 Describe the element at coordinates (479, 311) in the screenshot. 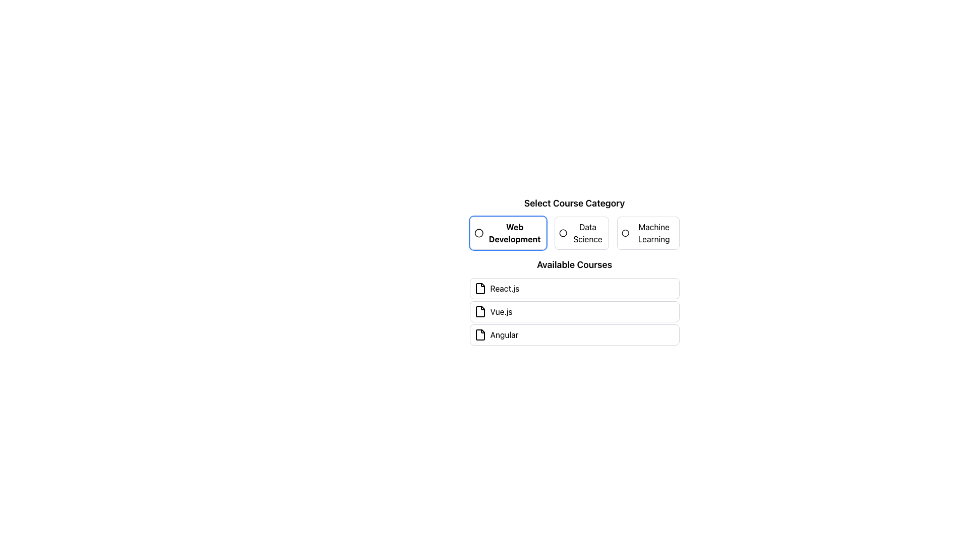

I see `the 'Vue.js' course icon located to the left of the 'Vue.js' text label by clicking on it` at that location.